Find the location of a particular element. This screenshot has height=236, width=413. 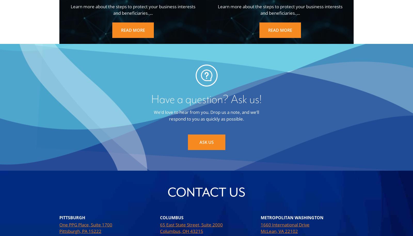

'Columbus' is located at coordinates (172, 217).